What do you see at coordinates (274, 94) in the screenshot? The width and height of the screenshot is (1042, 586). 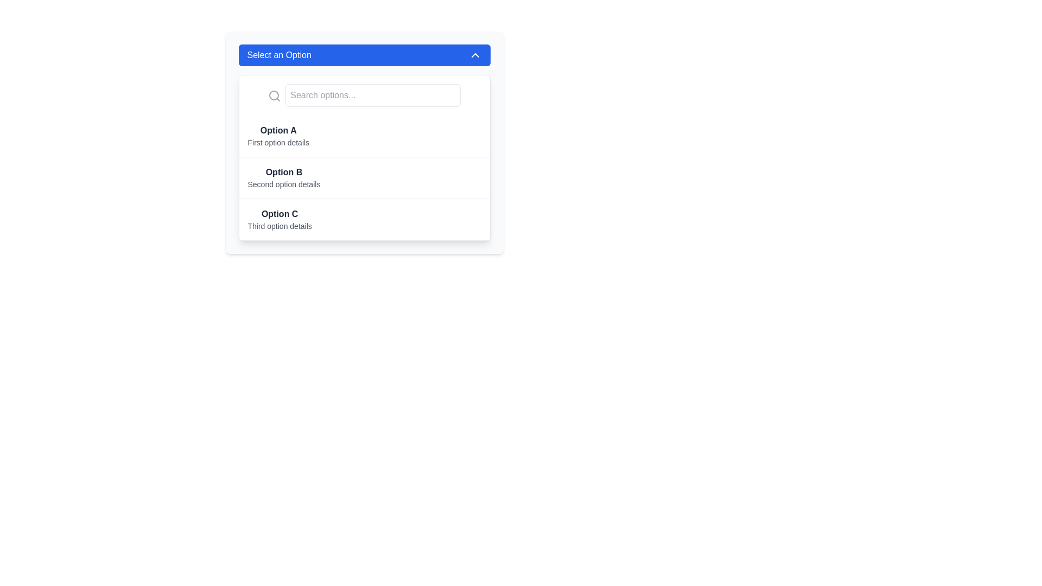 I see `the central filled circle within the magnifying glass icon located in the search bar` at bounding box center [274, 94].